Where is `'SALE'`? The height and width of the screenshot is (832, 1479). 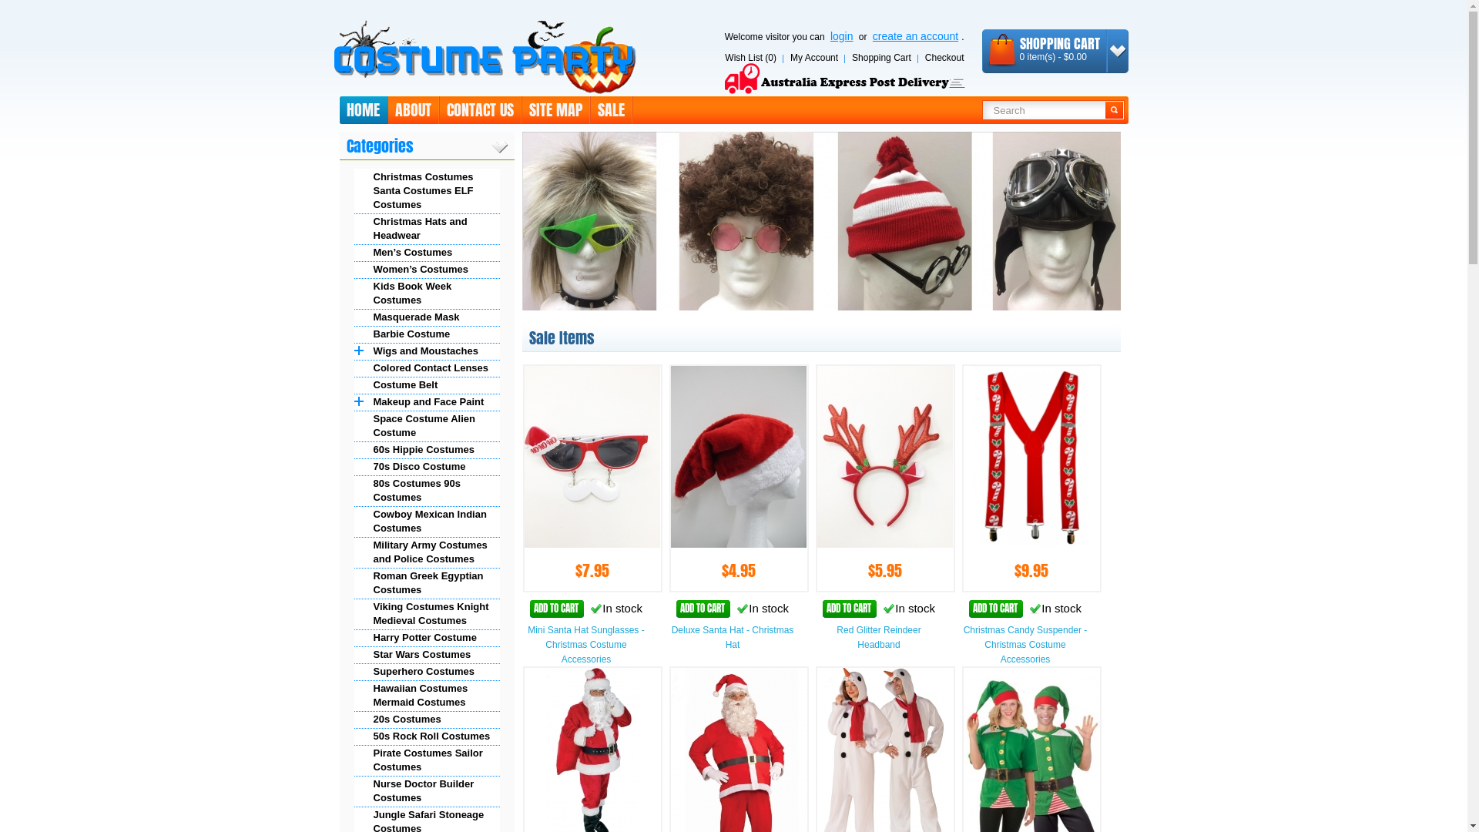 'SALE' is located at coordinates (589, 109).